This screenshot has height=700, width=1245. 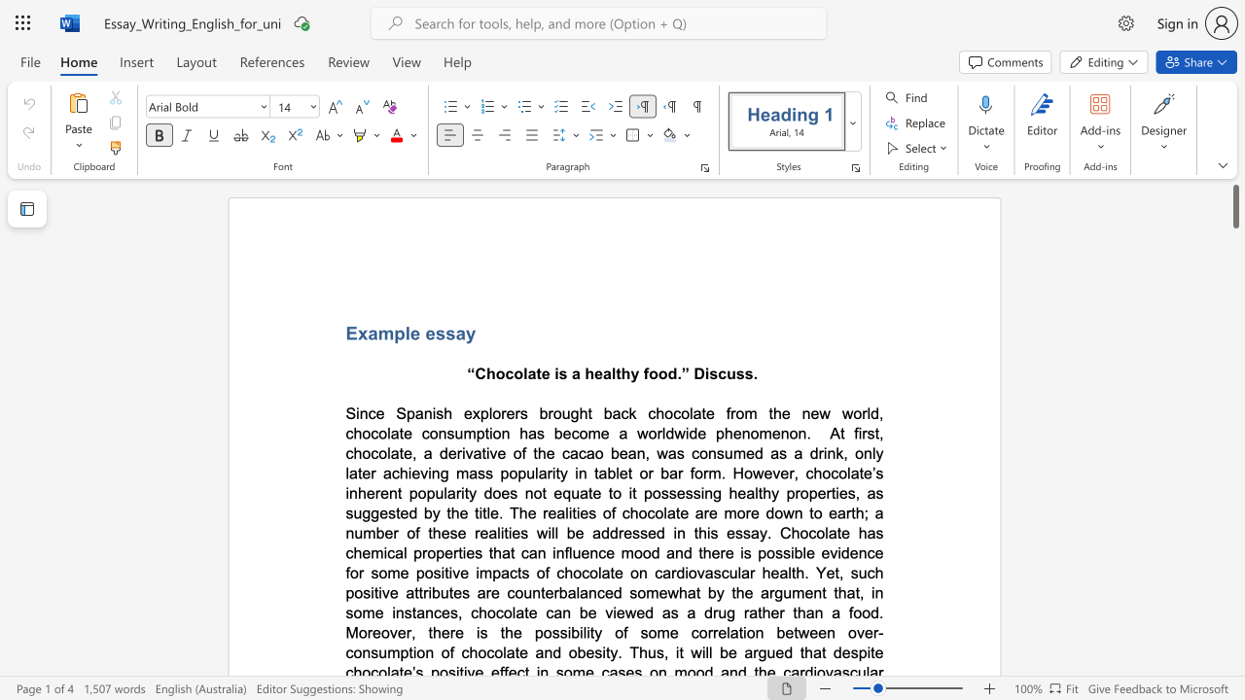 What do you see at coordinates (1234, 389) in the screenshot?
I see `the scrollbar on the side` at bounding box center [1234, 389].